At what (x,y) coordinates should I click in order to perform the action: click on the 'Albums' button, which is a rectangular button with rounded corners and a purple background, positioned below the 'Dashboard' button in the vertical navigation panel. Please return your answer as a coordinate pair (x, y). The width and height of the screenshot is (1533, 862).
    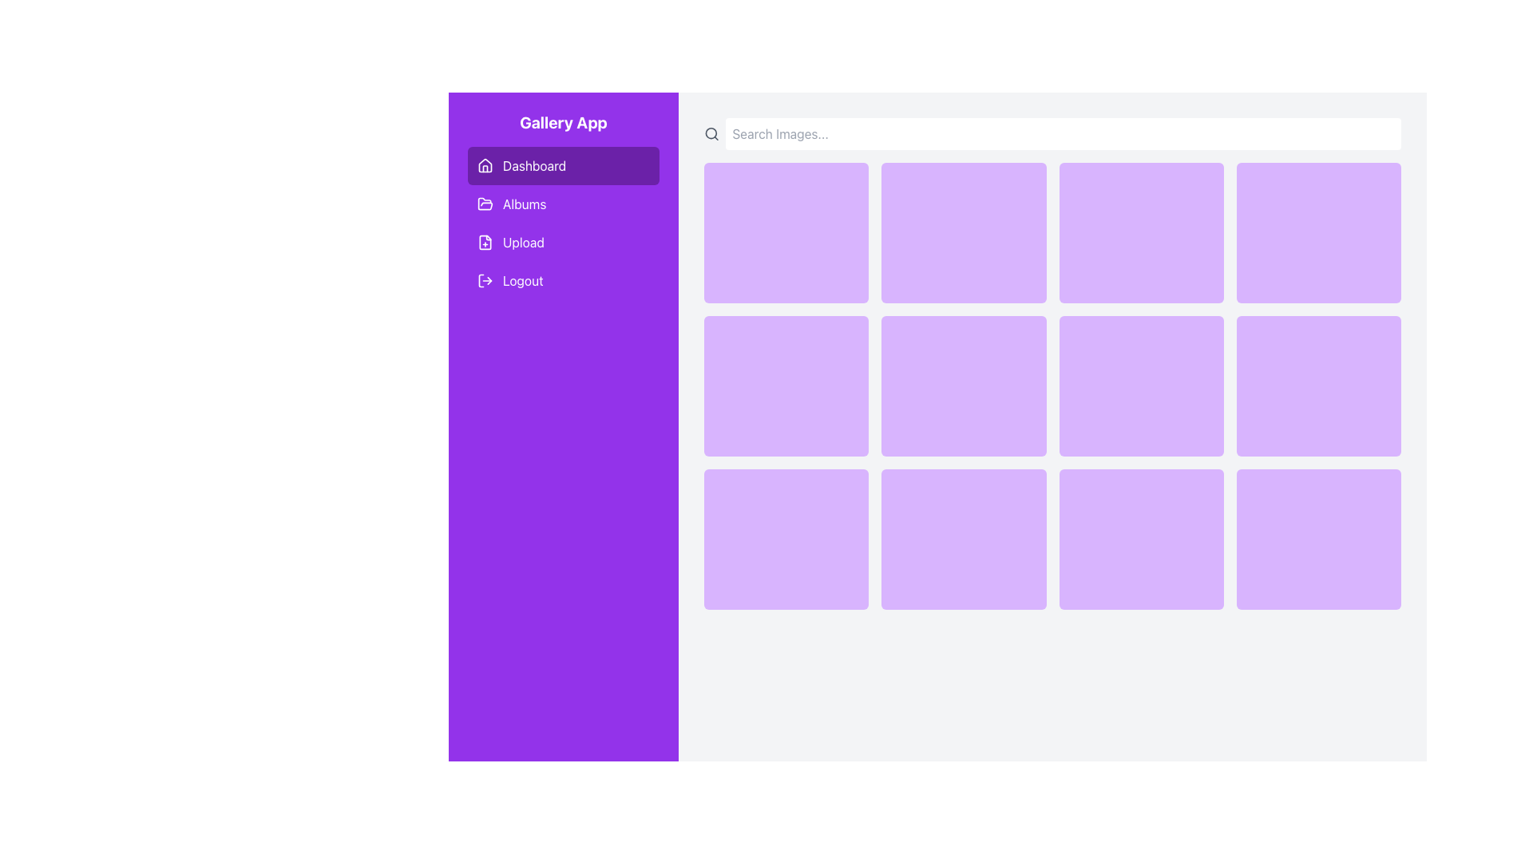
    Looking at the image, I should click on (563, 203).